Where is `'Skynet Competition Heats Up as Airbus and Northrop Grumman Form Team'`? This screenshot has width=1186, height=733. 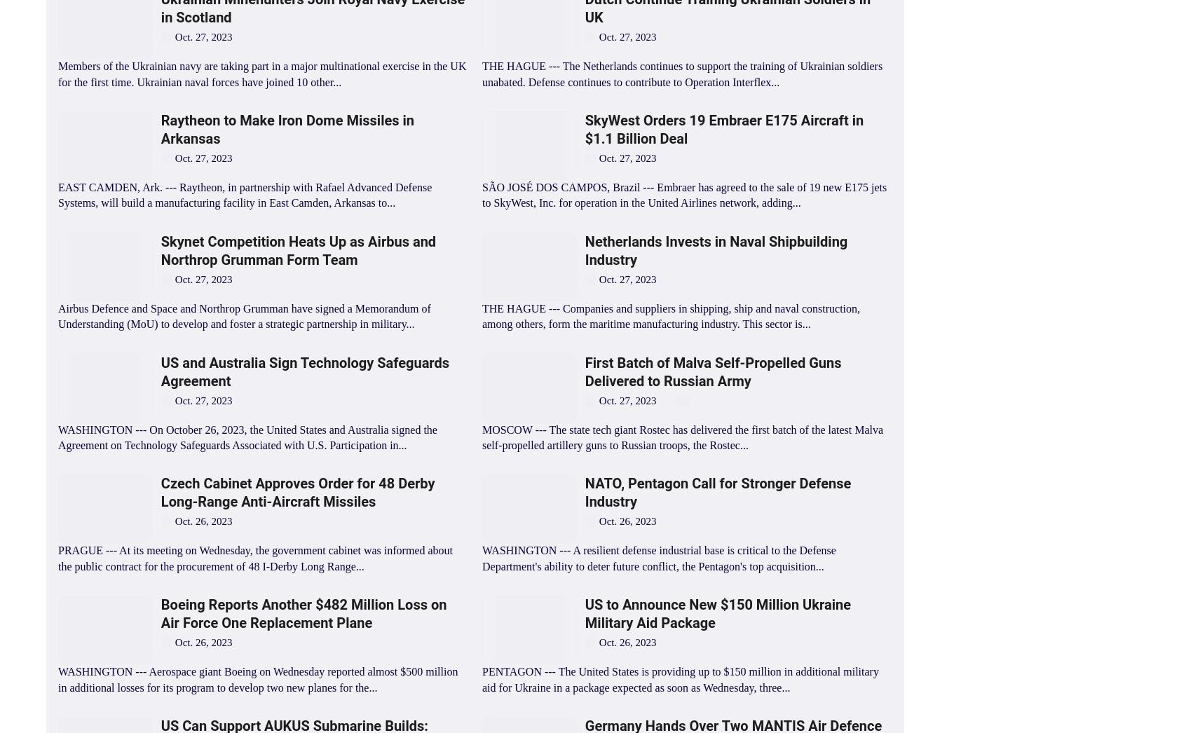 'Skynet Competition Heats Up as Airbus and Northrop Grumman Form Team' is located at coordinates (297, 249).